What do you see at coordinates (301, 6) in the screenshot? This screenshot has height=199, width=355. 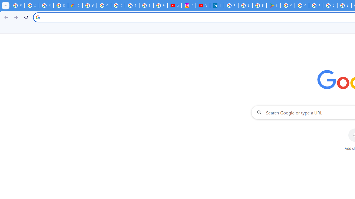 I see `'Google Workspace - Specific Terms'` at bounding box center [301, 6].